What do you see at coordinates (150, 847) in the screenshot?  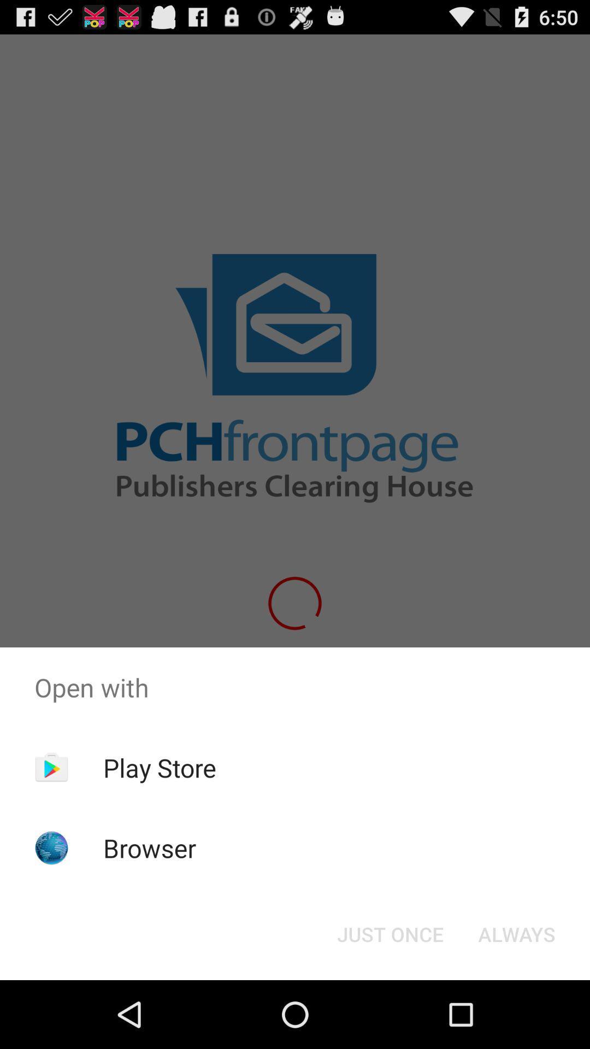 I see `the browser item` at bounding box center [150, 847].